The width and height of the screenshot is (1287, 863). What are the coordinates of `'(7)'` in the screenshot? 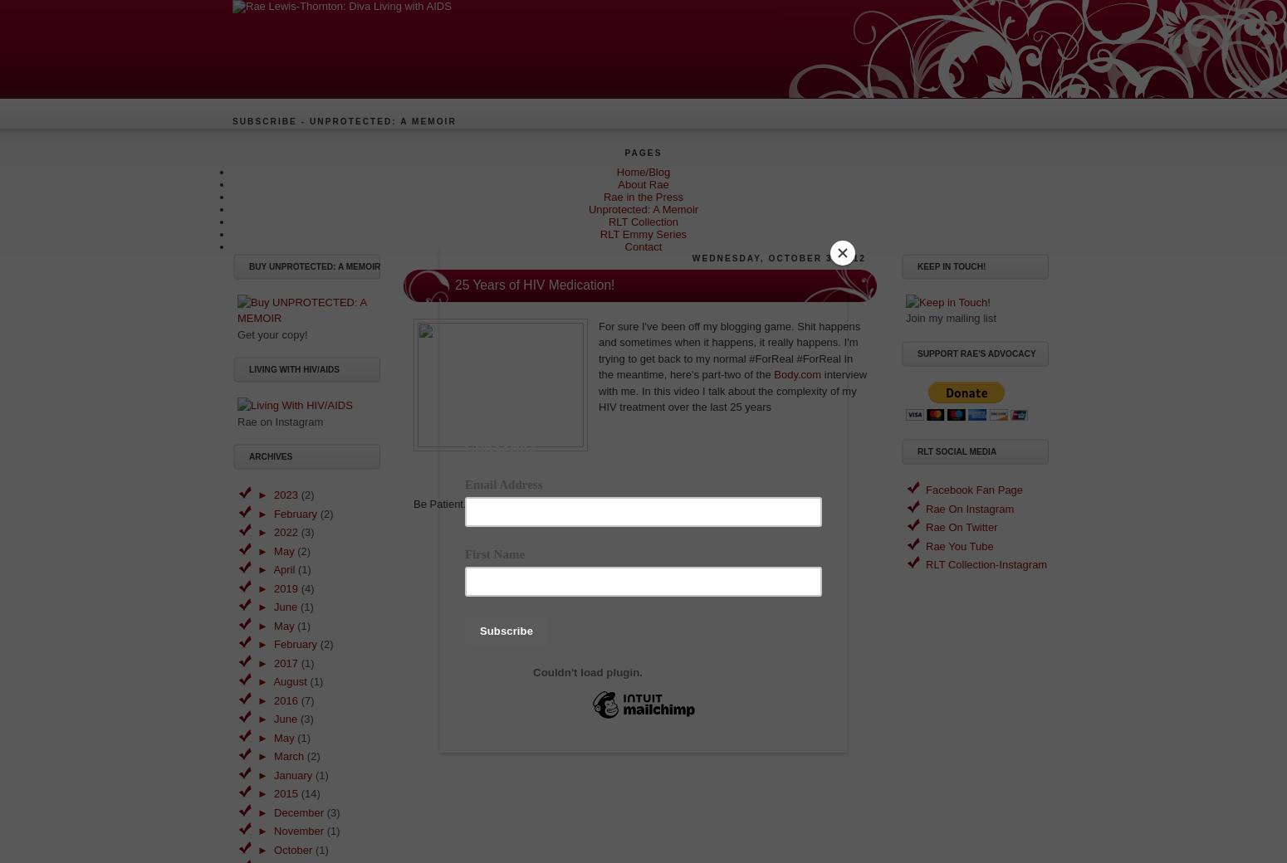 It's located at (306, 699).